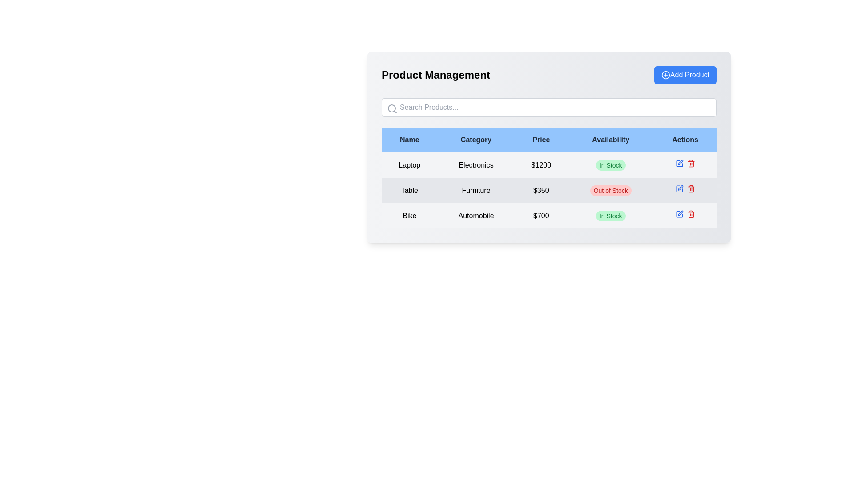  I want to click on the outer rectangular shape of the trash icon in the 'Actions' column of the third row to trigger a delete action, so click(690, 189).